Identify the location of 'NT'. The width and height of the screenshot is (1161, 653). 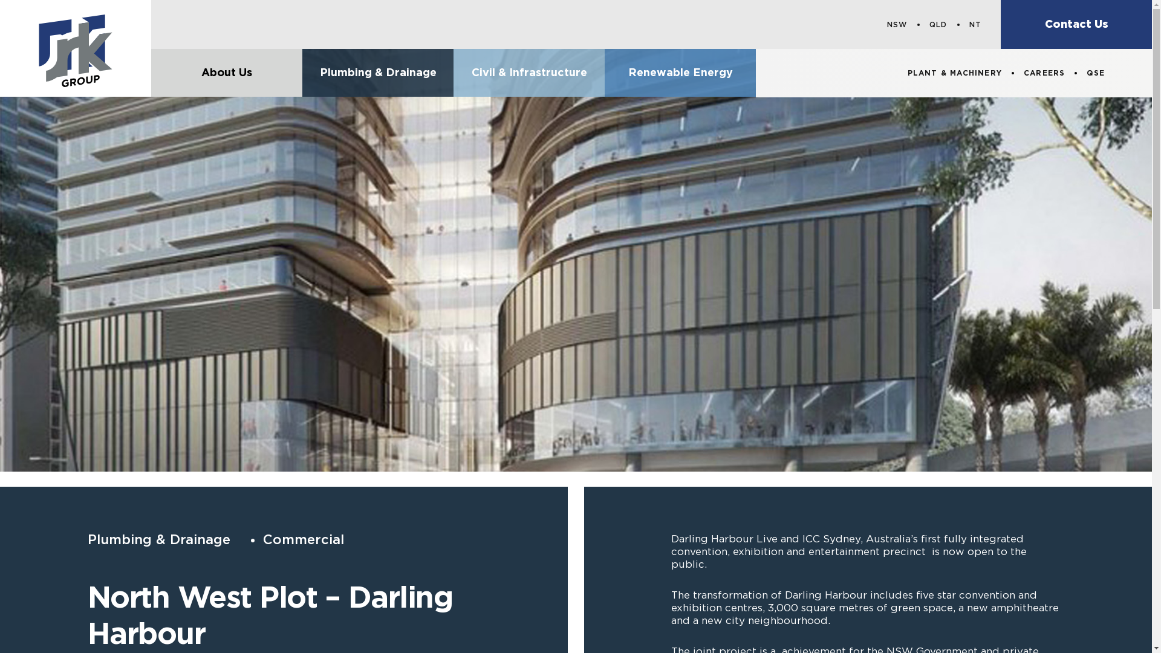
(975, 25).